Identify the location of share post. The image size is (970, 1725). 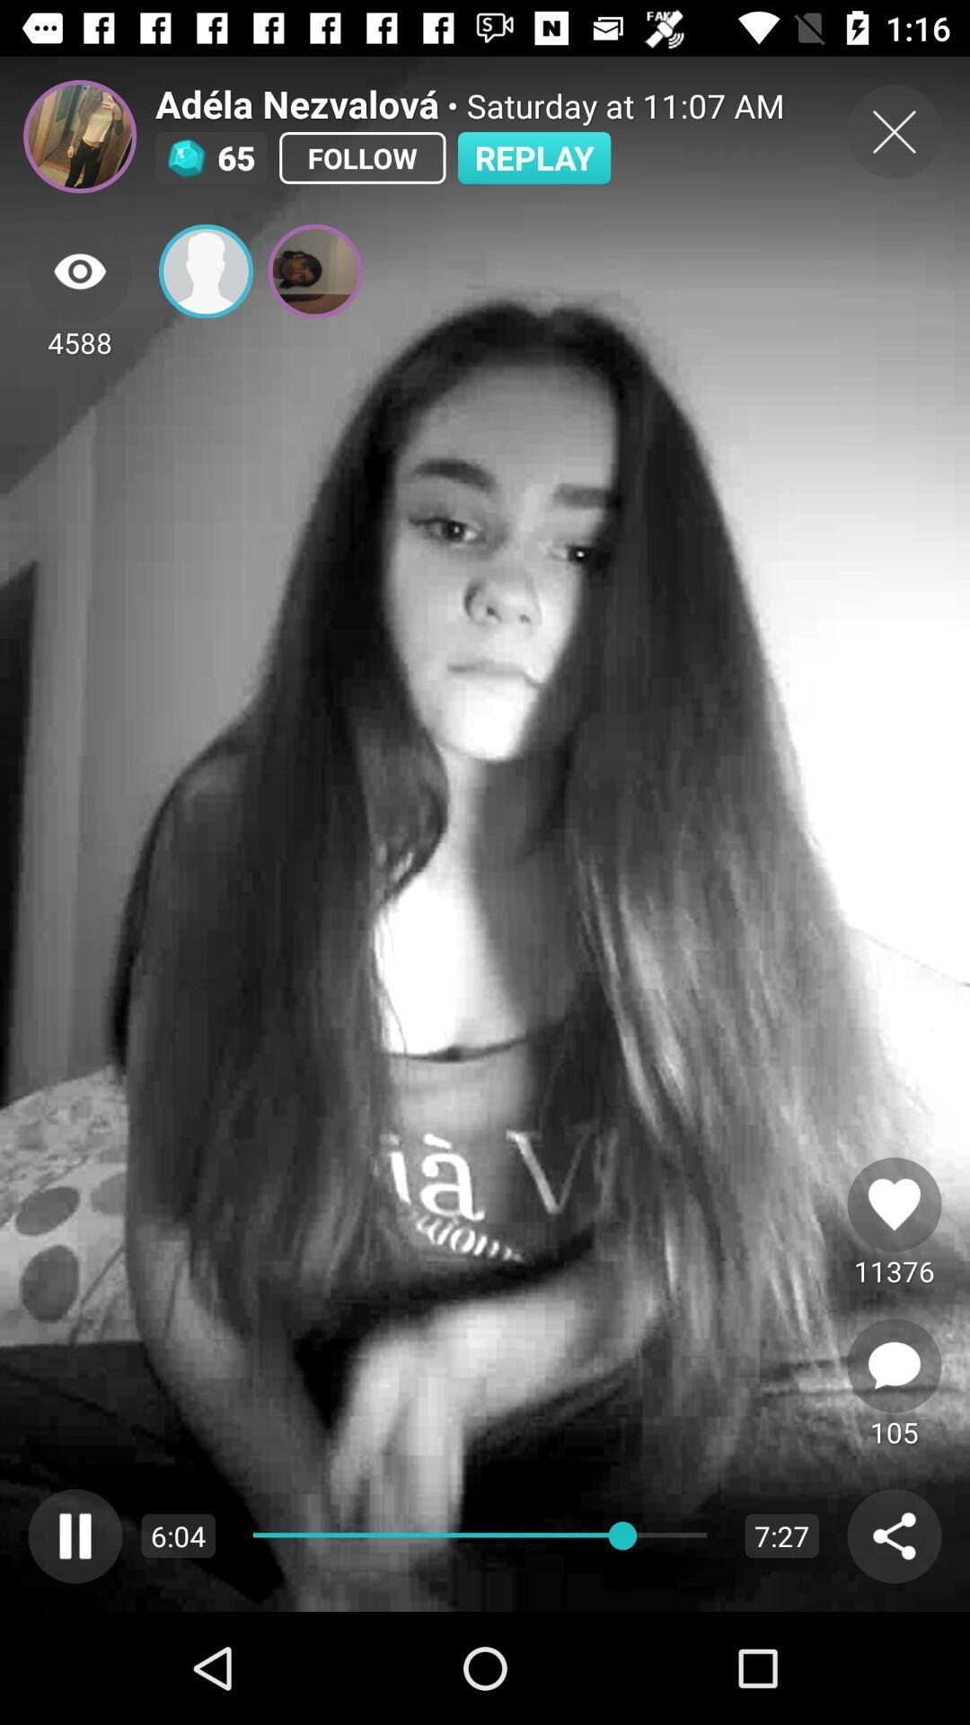
(894, 1535).